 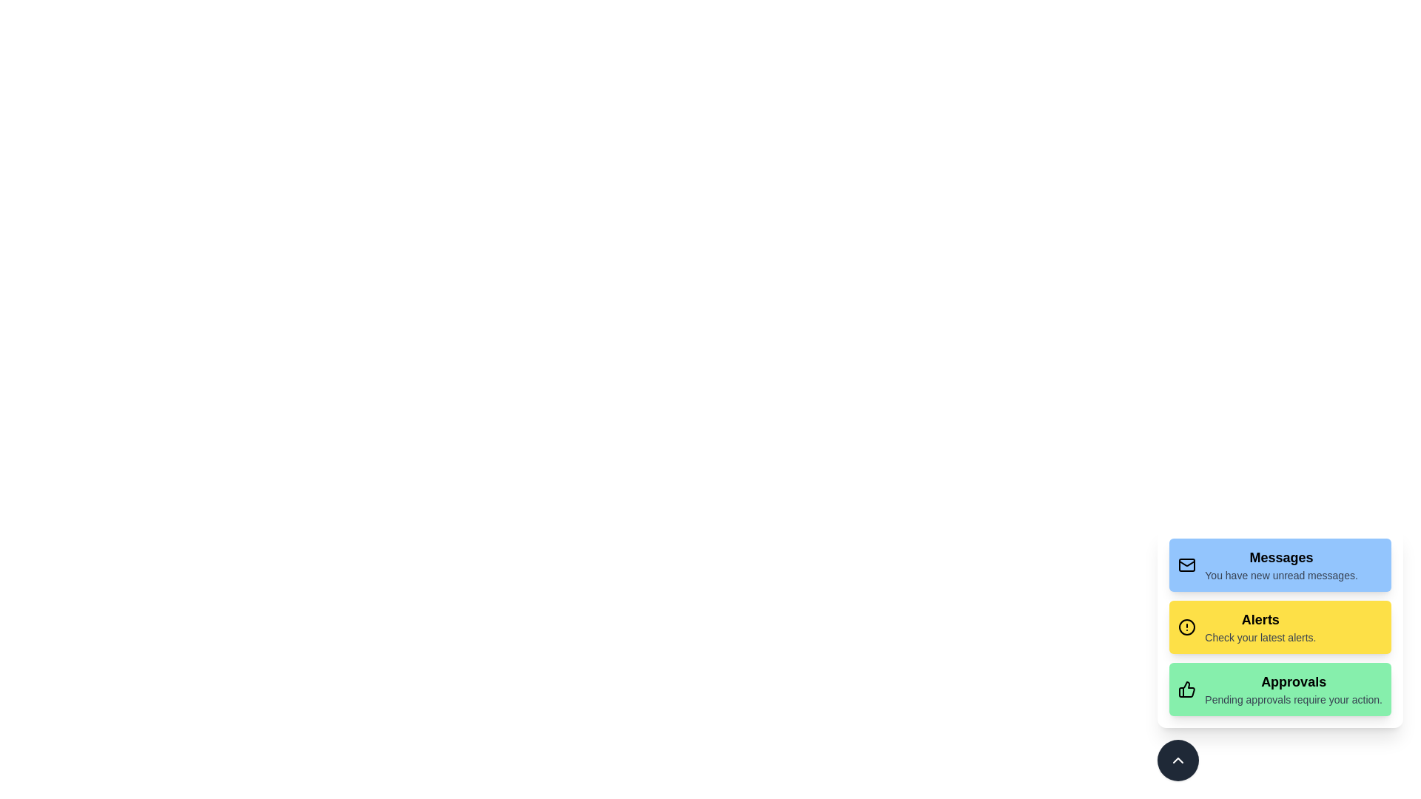 I want to click on the notification to read its description, so click(x=1279, y=564).